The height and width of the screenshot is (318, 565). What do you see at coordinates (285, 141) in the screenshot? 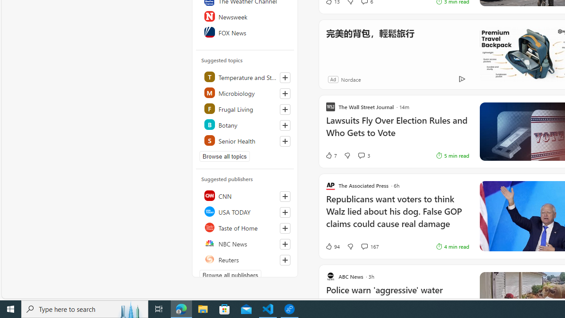
I see `'Follow this topic'` at bounding box center [285, 141].